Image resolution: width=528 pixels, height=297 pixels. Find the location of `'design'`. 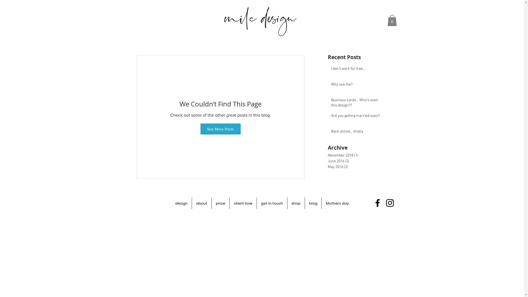

'design' is located at coordinates (171, 203).